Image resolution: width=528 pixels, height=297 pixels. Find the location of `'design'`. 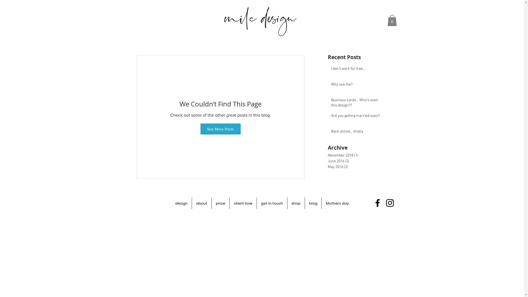

'design' is located at coordinates (171, 203).